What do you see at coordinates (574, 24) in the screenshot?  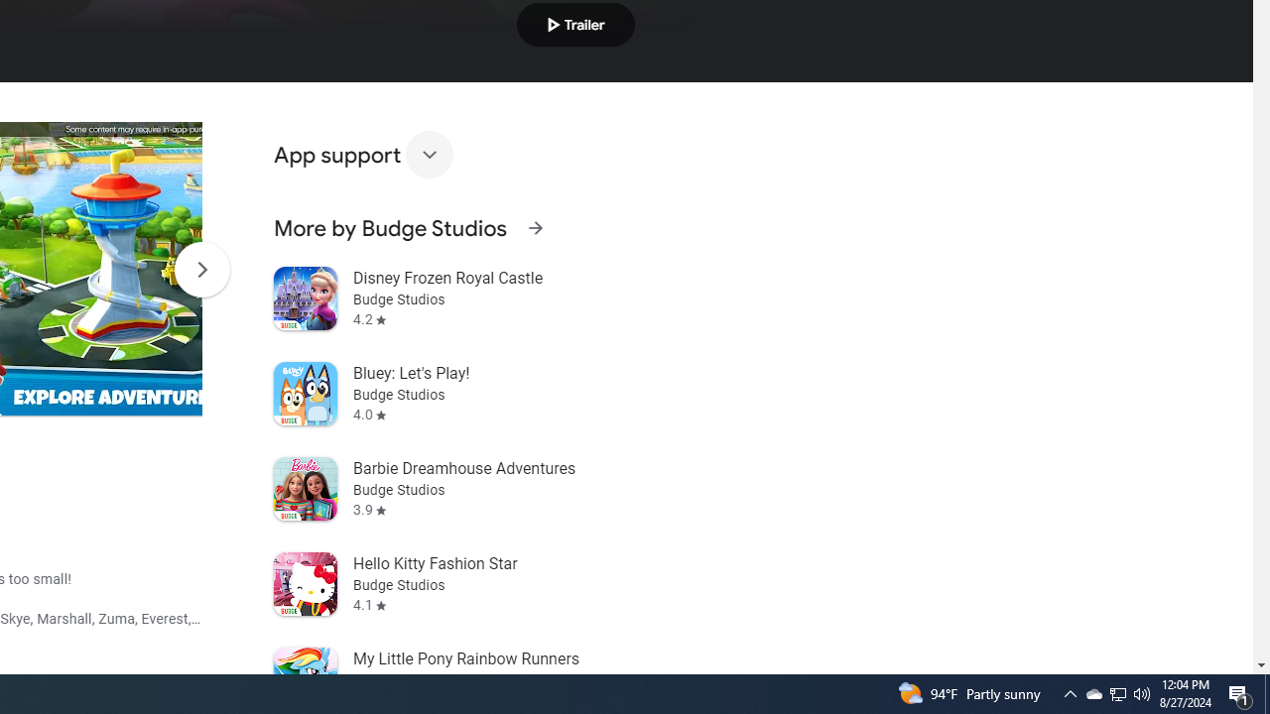 I see `'Play trailer'` at bounding box center [574, 24].